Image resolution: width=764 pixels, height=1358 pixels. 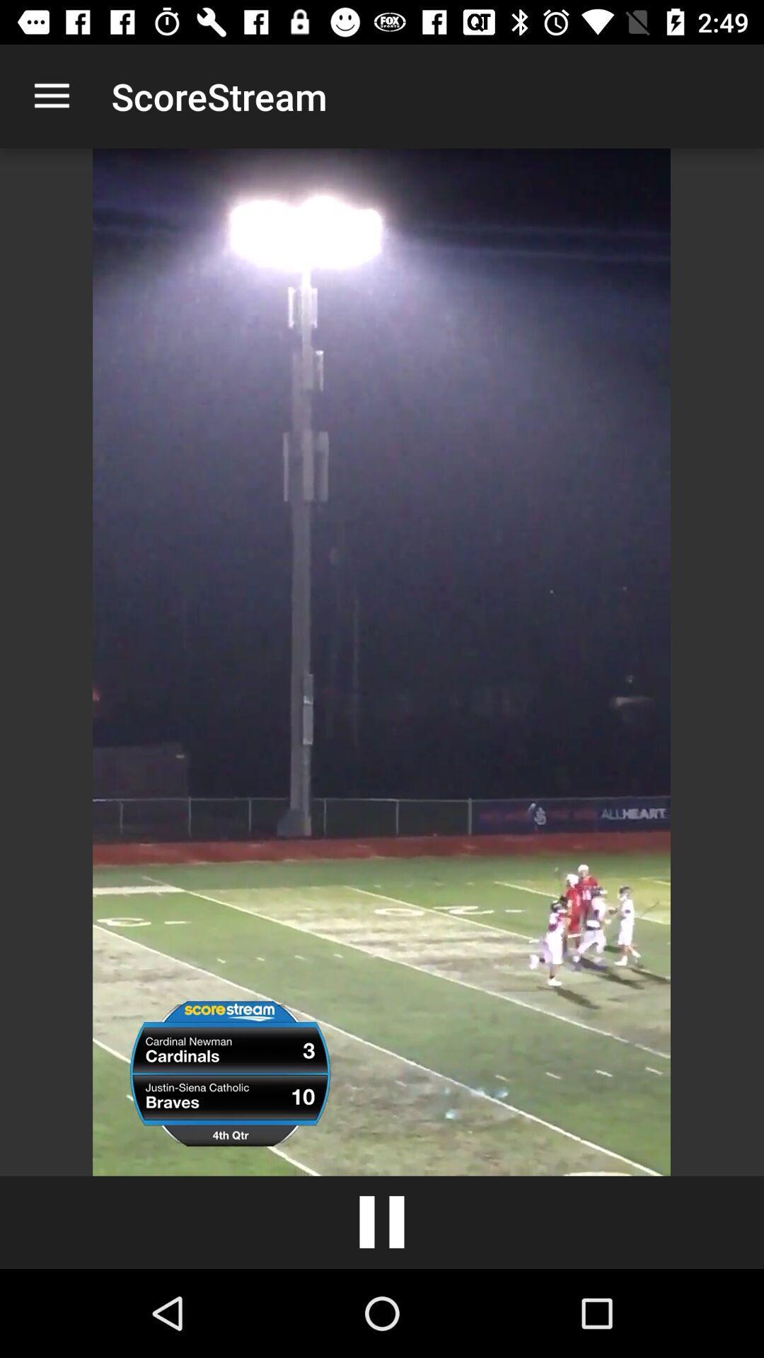 I want to click on play, so click(x=382, y=1221).